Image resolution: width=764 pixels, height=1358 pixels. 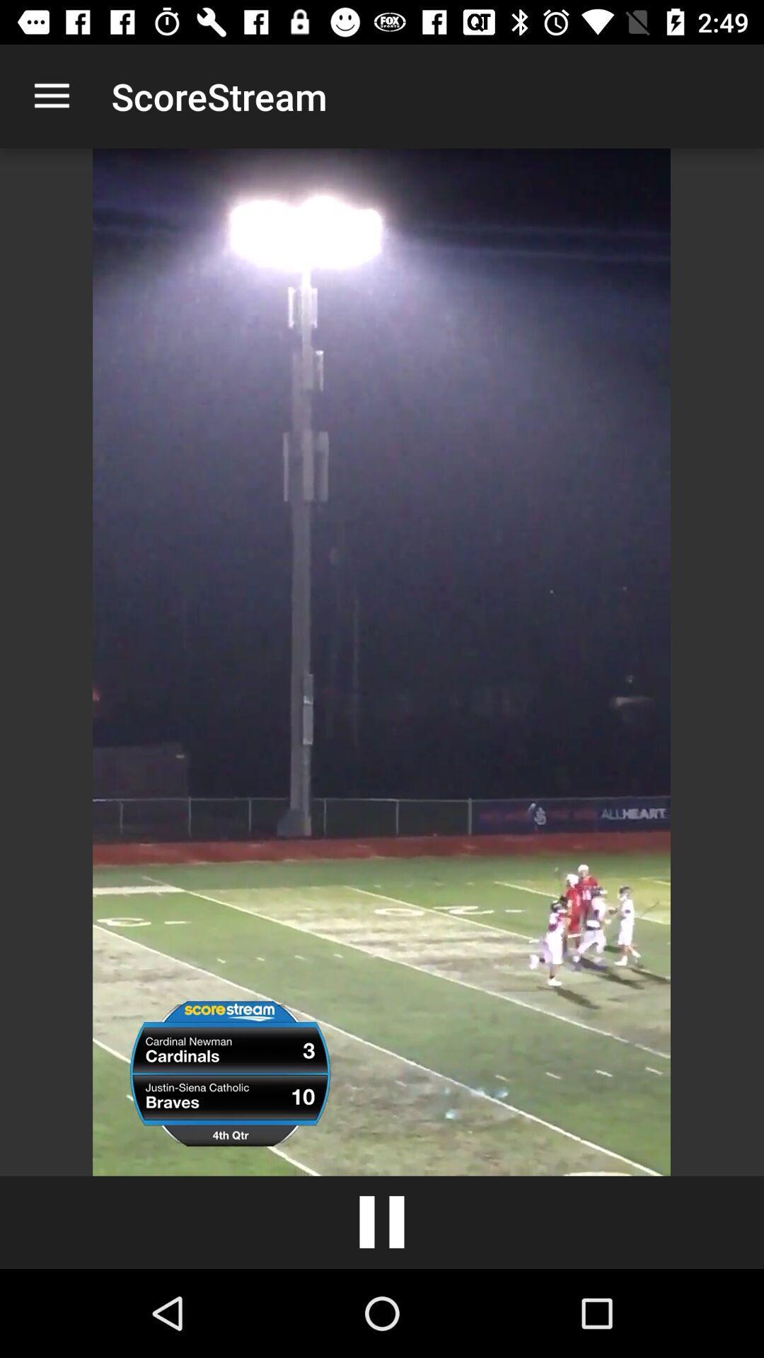 I want to click on play, so click(x=382, y=1221).